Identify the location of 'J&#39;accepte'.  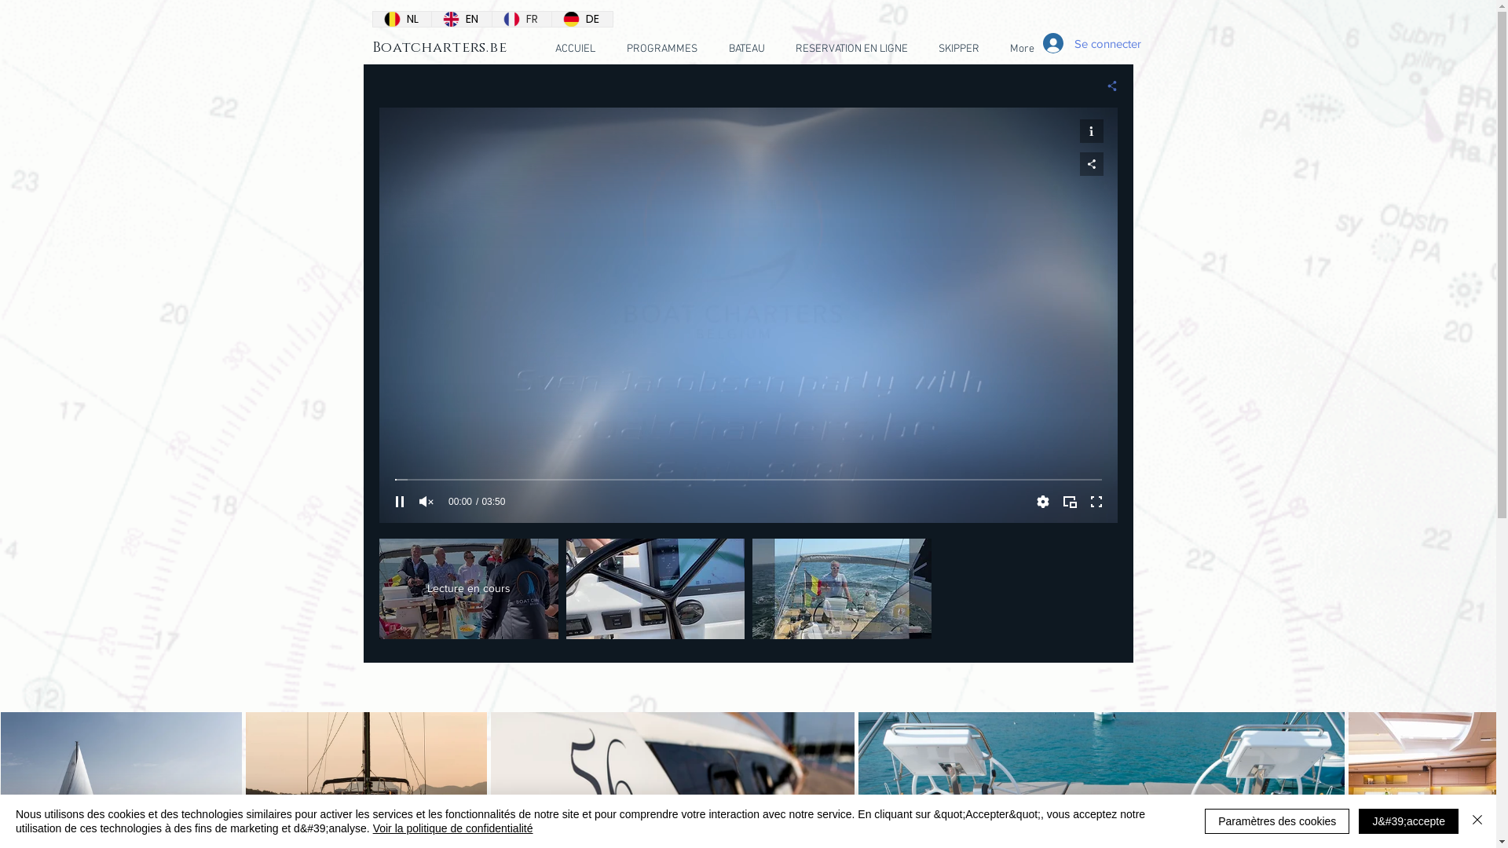
(1408, 820).